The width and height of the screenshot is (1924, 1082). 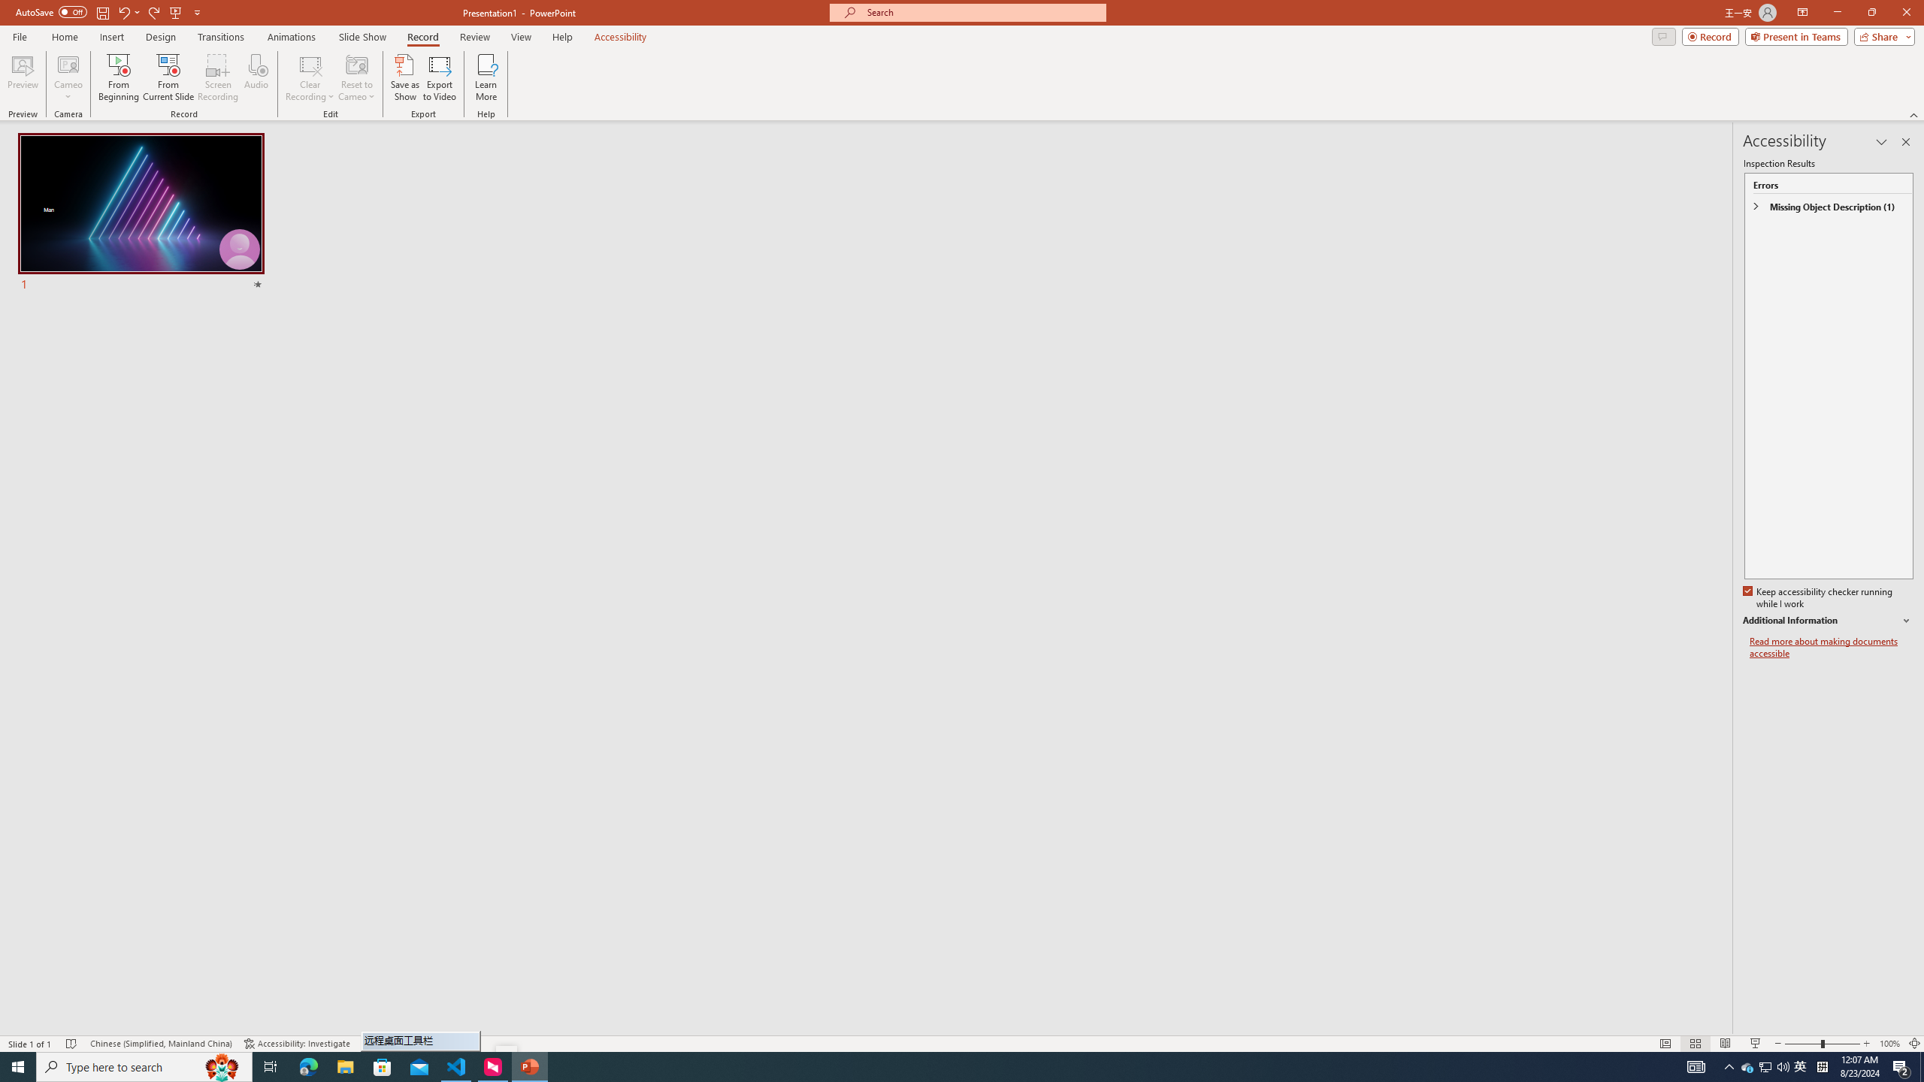 I want to click on 'Export to Video', so click(x=438, y=77).